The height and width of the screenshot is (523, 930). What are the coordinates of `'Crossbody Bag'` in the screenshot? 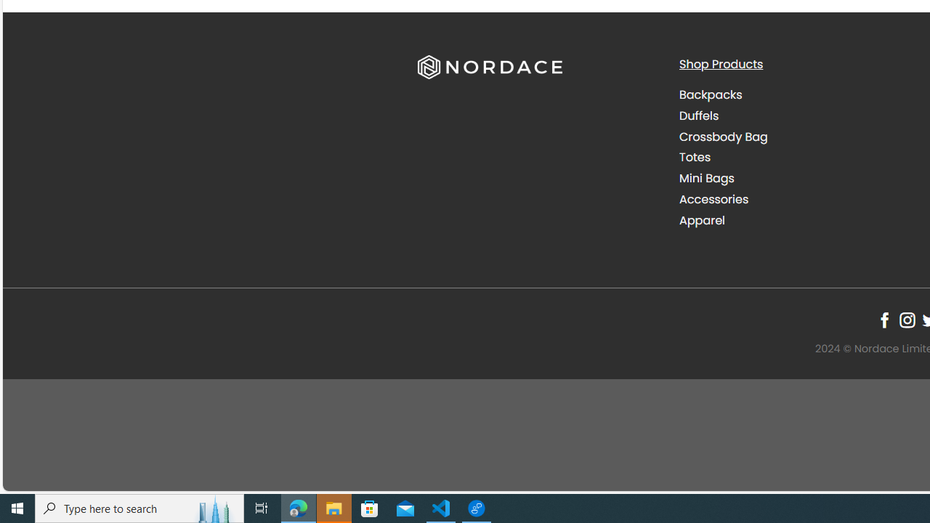 It's located at (723, 136).